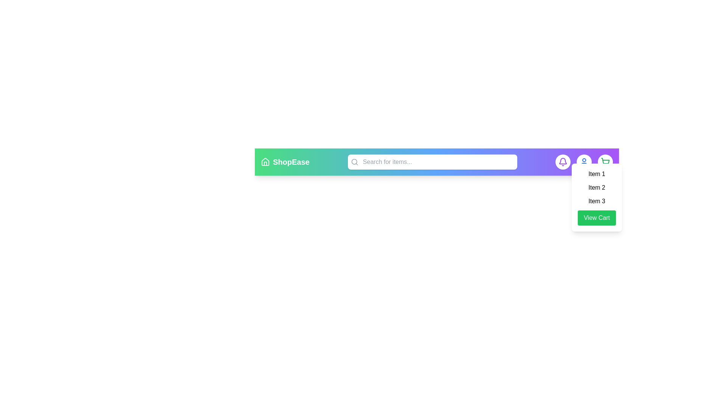  Describe the element at coordinates (605, 161) in the screenshot. I see `the cart button to toggle the dropdown menu` at that location.